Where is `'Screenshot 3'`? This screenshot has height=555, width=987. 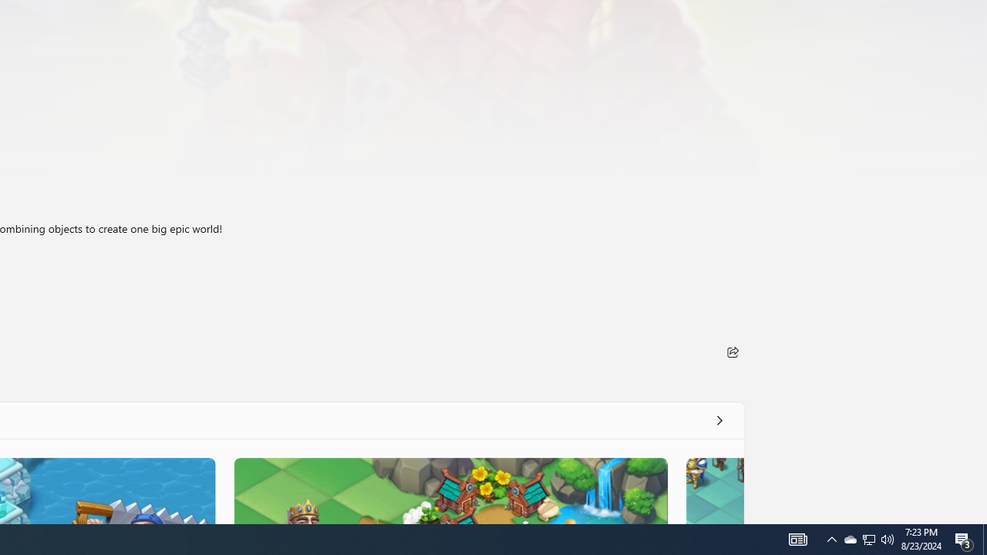
'Screenshot 3' is located at coordinates (450, 490).